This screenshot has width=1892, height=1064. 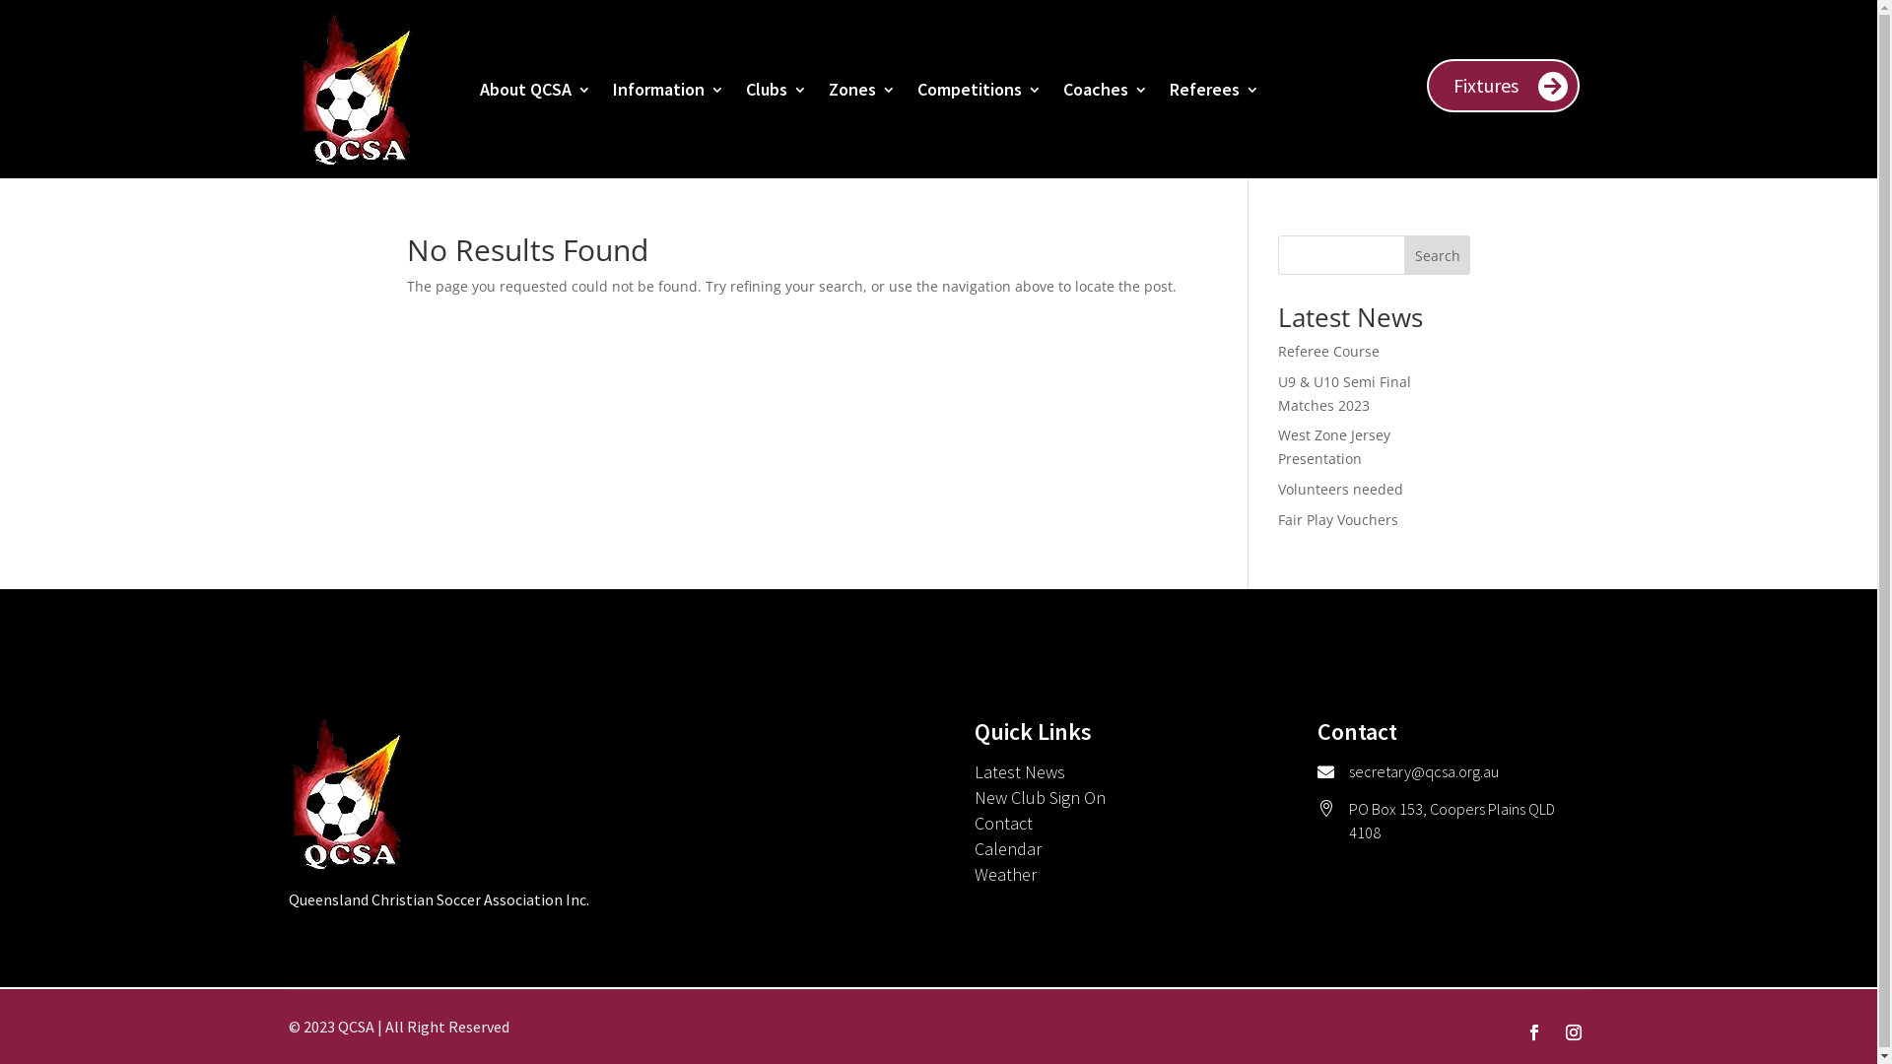 I want to click on 'Follow on Instagram', so click(x=1572, y=1031).